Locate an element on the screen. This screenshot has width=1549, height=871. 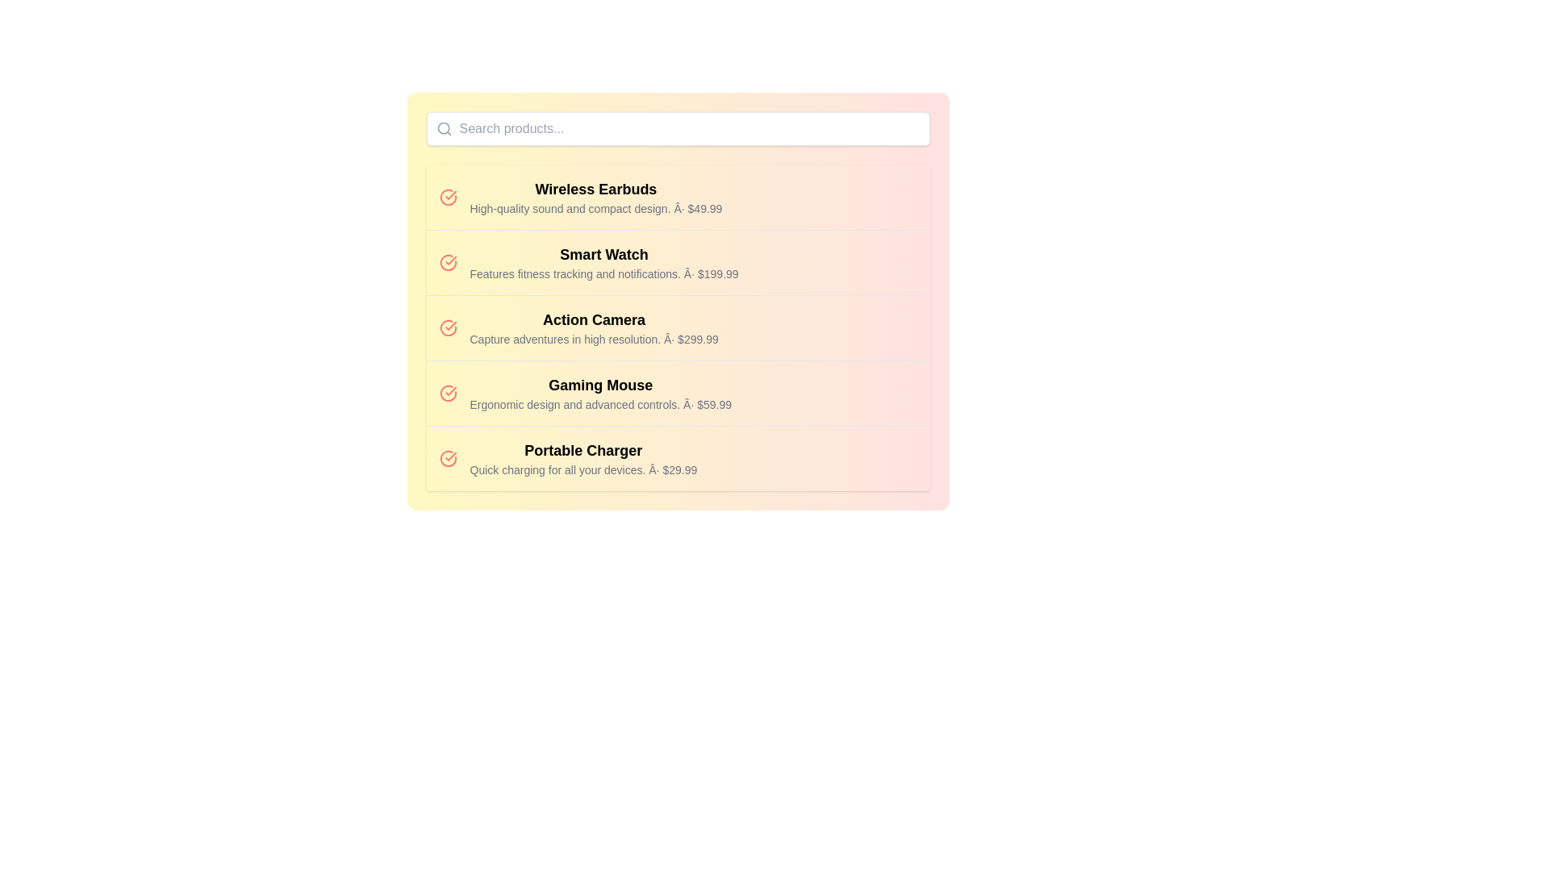
product description text that displays 'Capture adventures in high resolution. · $299.99' located under the 'Action Camera' header is located at coordinates (593, 338).